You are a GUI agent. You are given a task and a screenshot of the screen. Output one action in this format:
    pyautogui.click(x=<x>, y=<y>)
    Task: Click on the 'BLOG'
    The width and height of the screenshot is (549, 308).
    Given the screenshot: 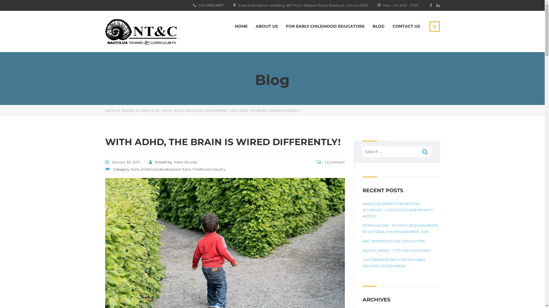 What is the action you would take?
    pyautogui.click(x=167, y=110)
    